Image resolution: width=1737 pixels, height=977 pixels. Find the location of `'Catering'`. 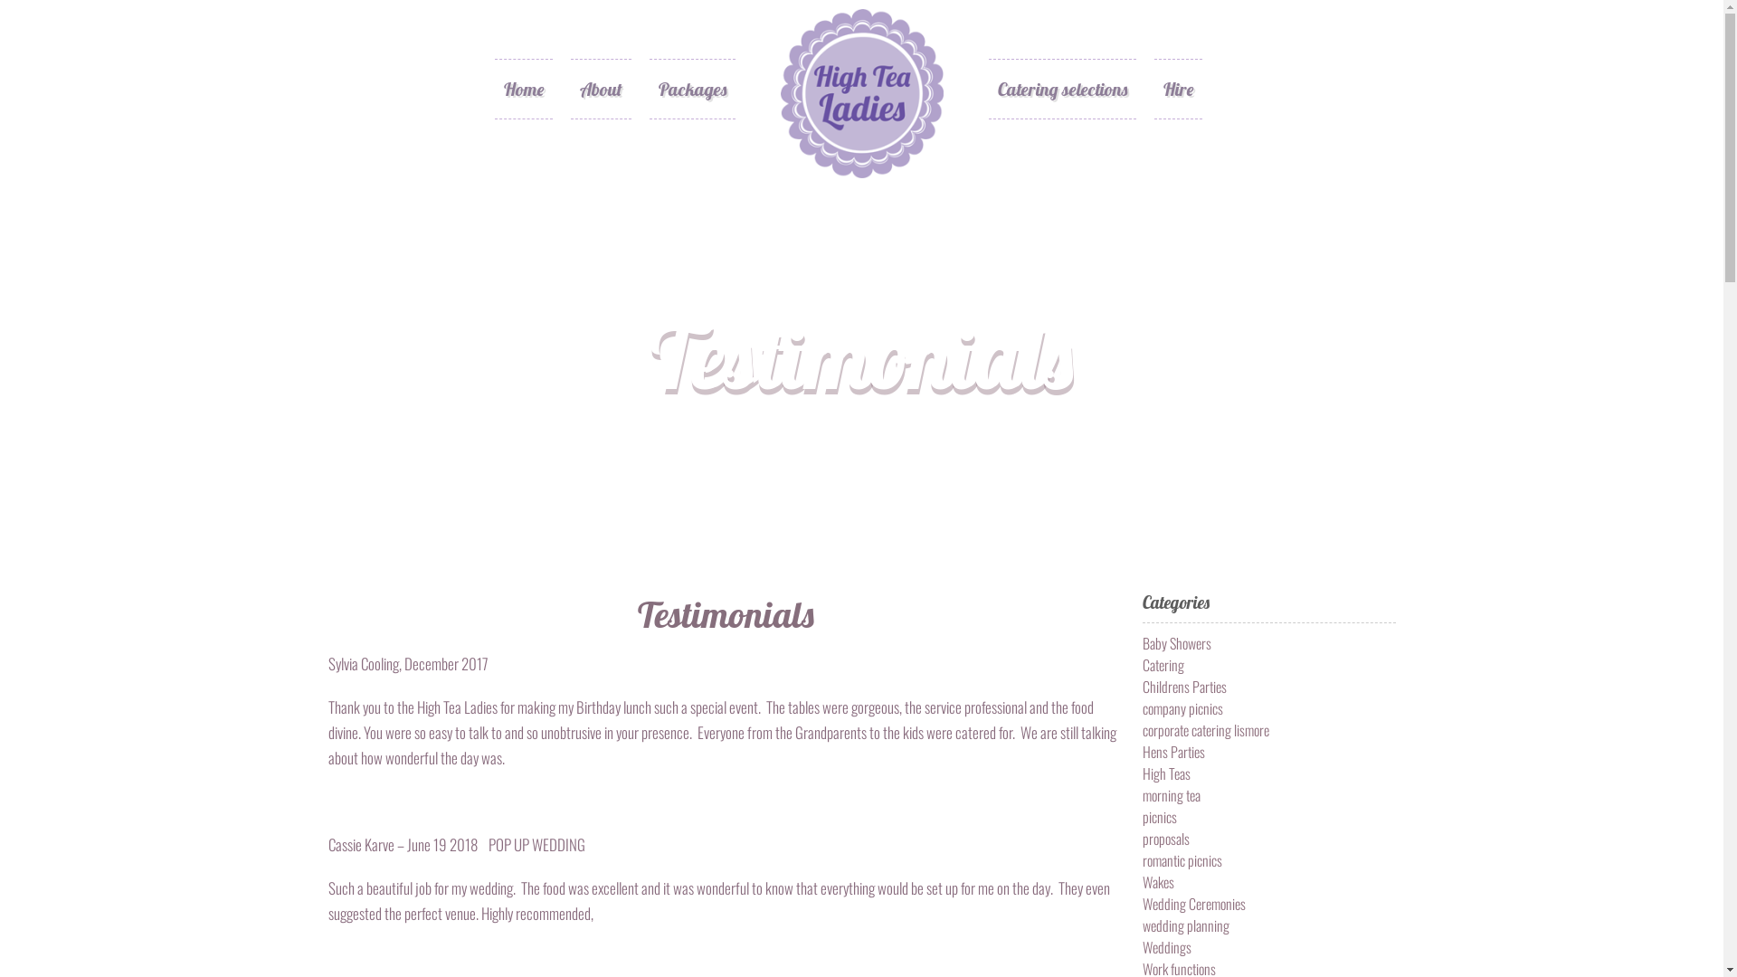

'Catering' is located at coordinates (1141, 665).